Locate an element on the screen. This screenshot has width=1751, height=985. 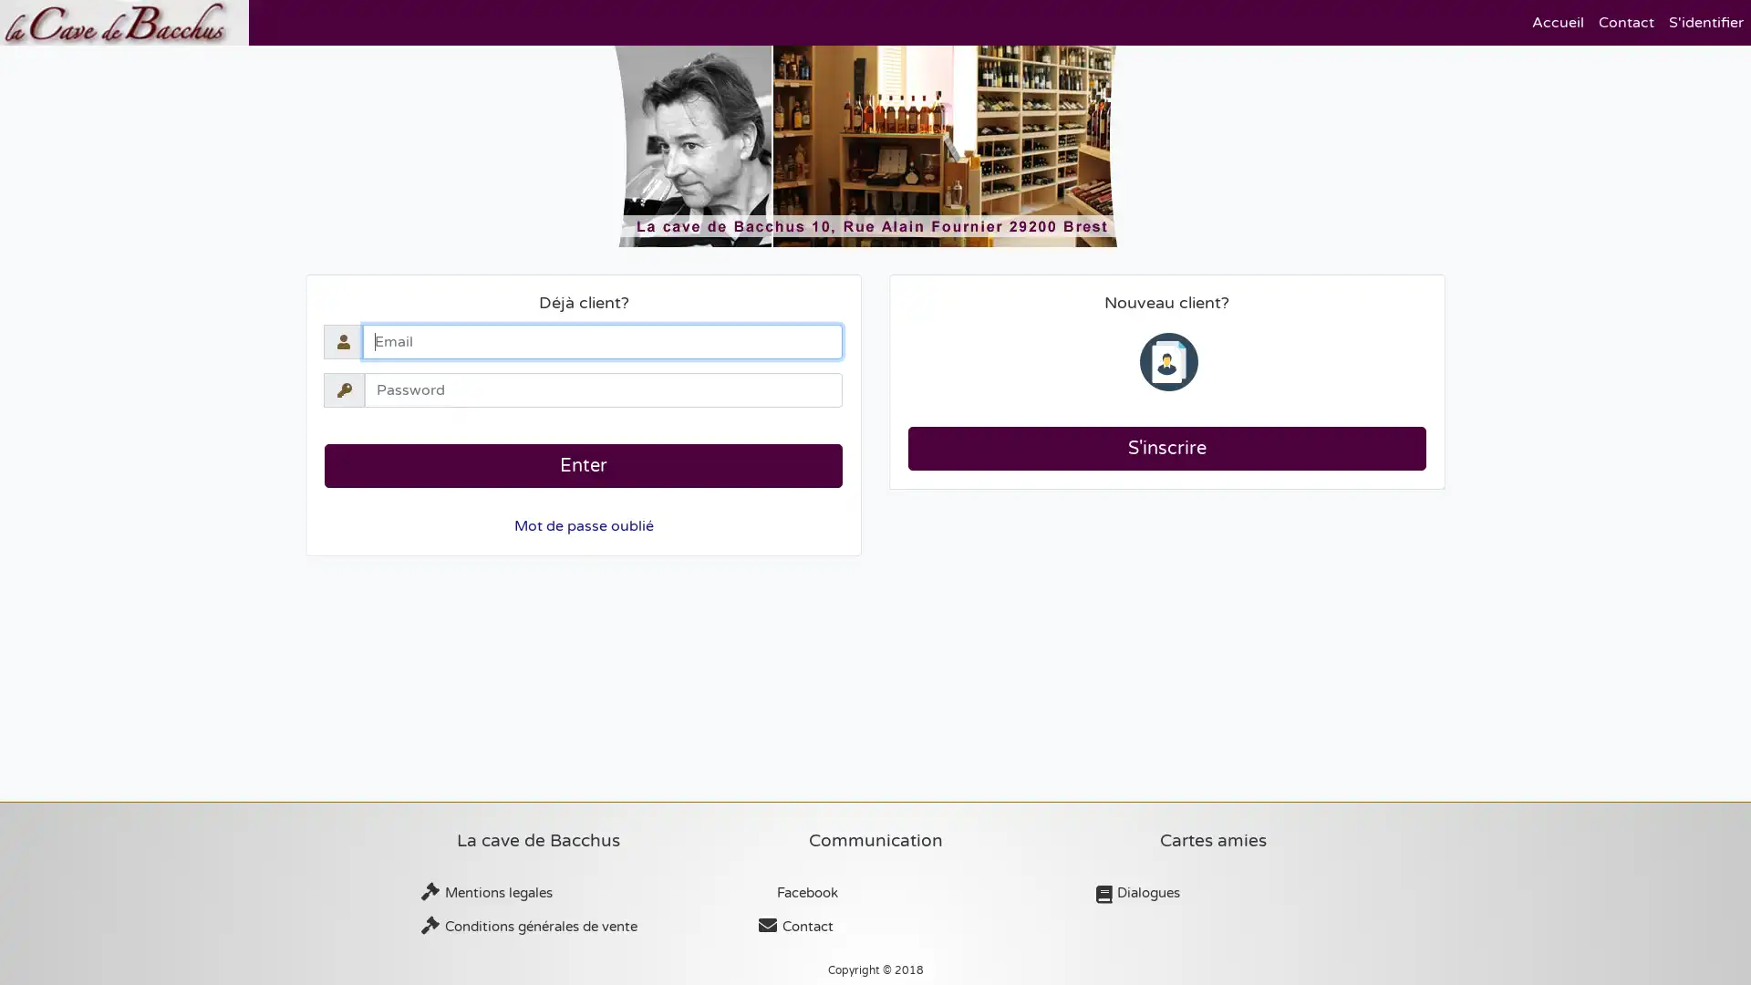
Enter is located at coordinates (582, 463).